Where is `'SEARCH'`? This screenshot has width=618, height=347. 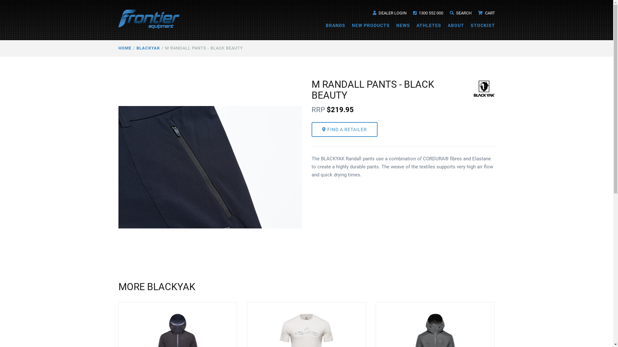 'SEARCH' is located at coordinates (460, 13).